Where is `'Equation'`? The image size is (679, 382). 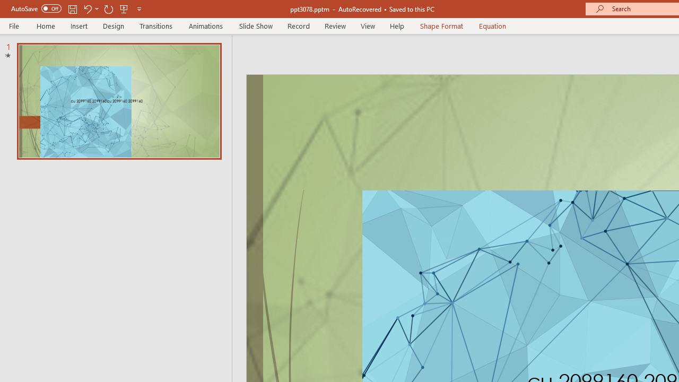 'Equation' is located at coordinates (492, 25).